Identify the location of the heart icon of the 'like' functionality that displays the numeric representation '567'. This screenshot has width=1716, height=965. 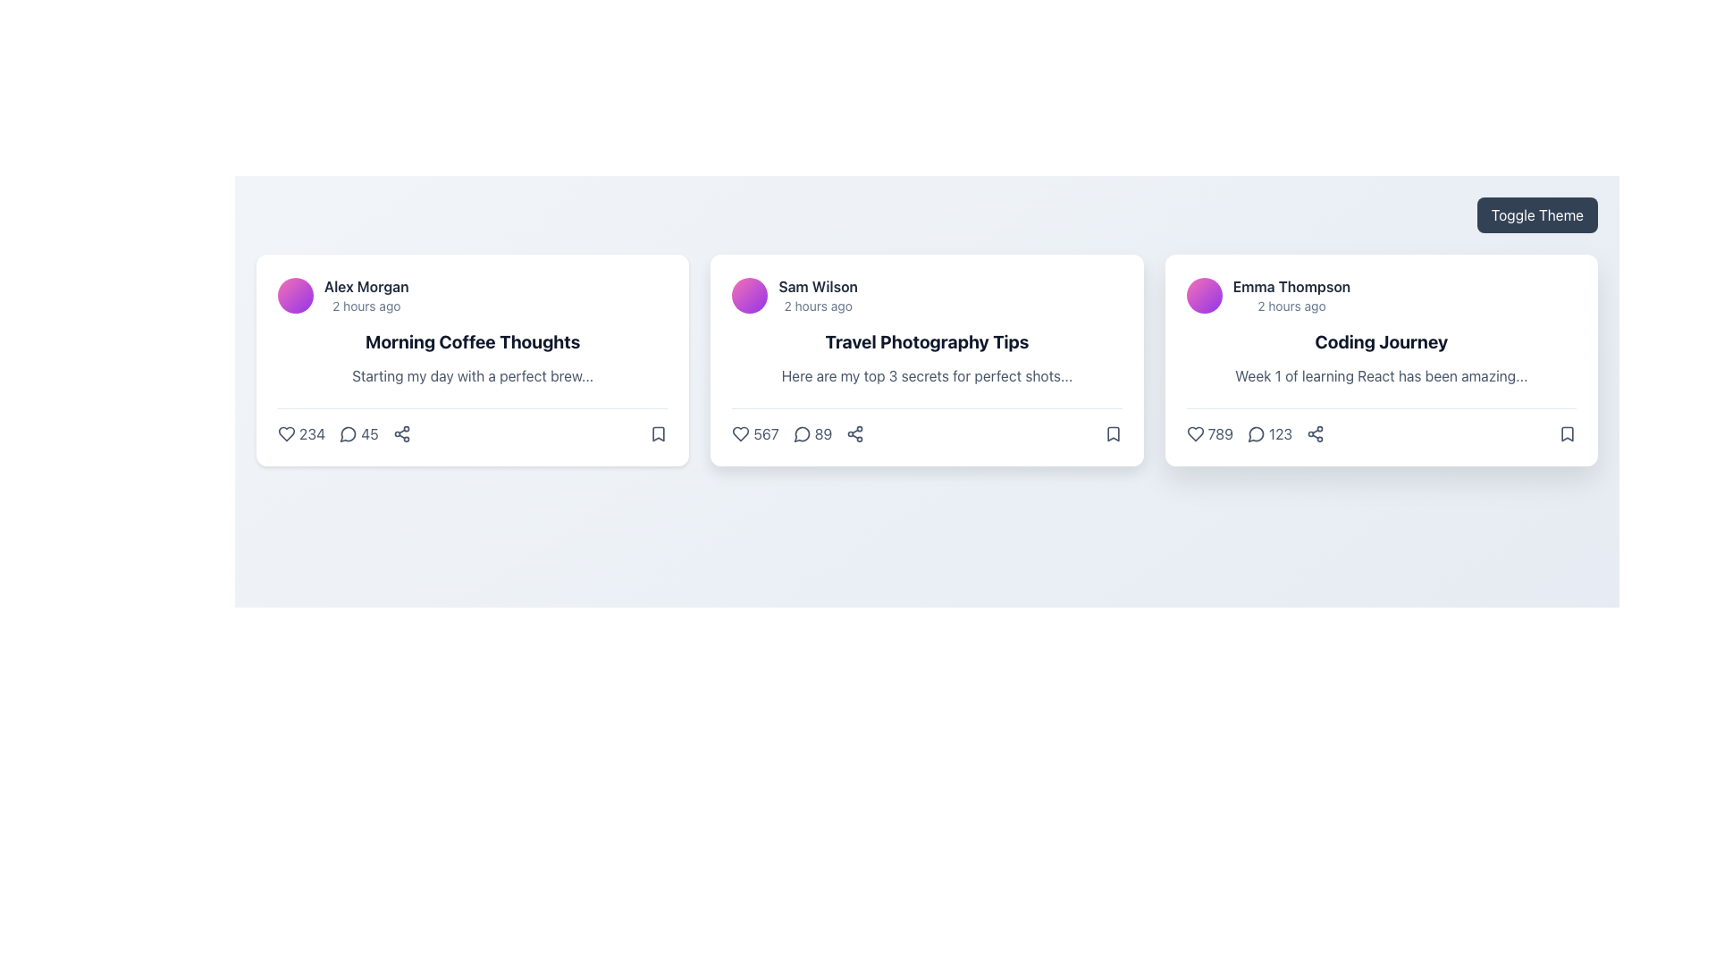
(755, 434).